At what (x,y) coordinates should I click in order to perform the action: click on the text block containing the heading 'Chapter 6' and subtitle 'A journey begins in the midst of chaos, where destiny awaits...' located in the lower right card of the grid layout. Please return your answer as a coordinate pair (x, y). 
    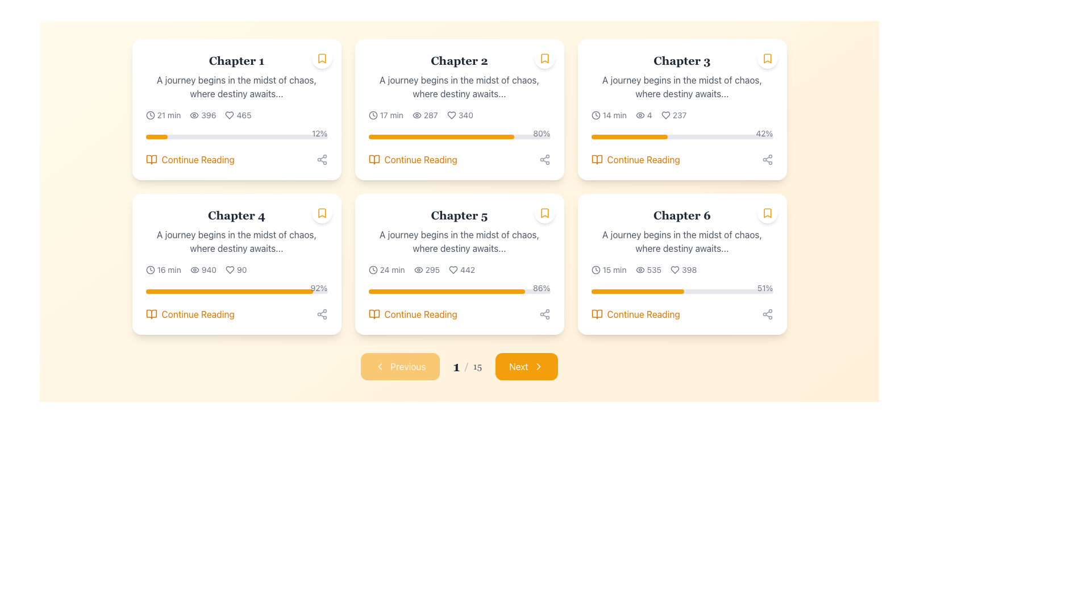
    Looking at the image, I should click on (682, 231).